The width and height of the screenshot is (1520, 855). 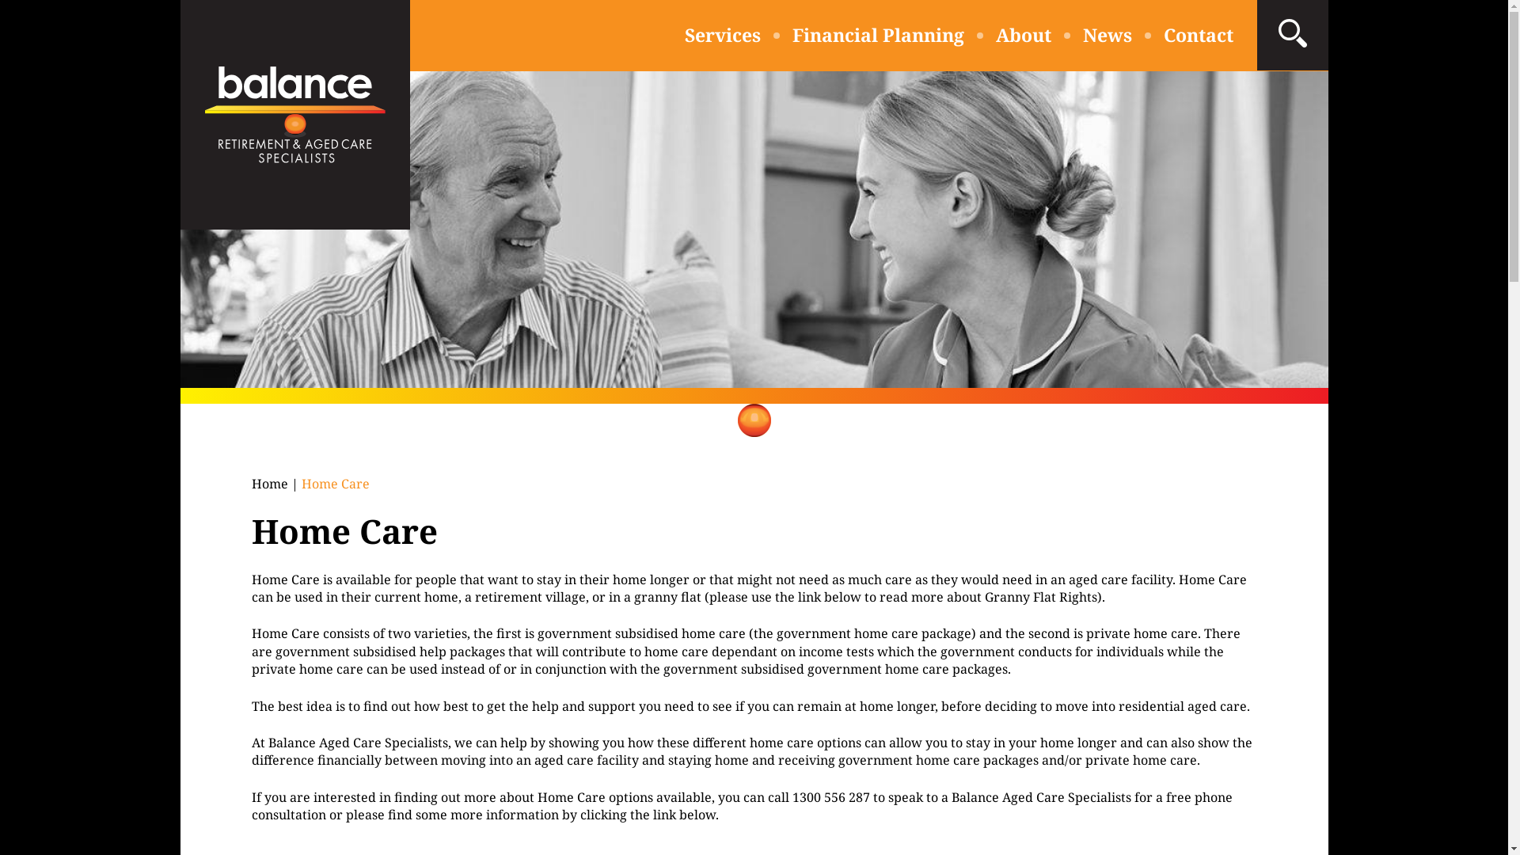 What do you see at coordinates (1163, 34) in the screenshot?
I see `'Contact'` at bounding box center [1163, 34].